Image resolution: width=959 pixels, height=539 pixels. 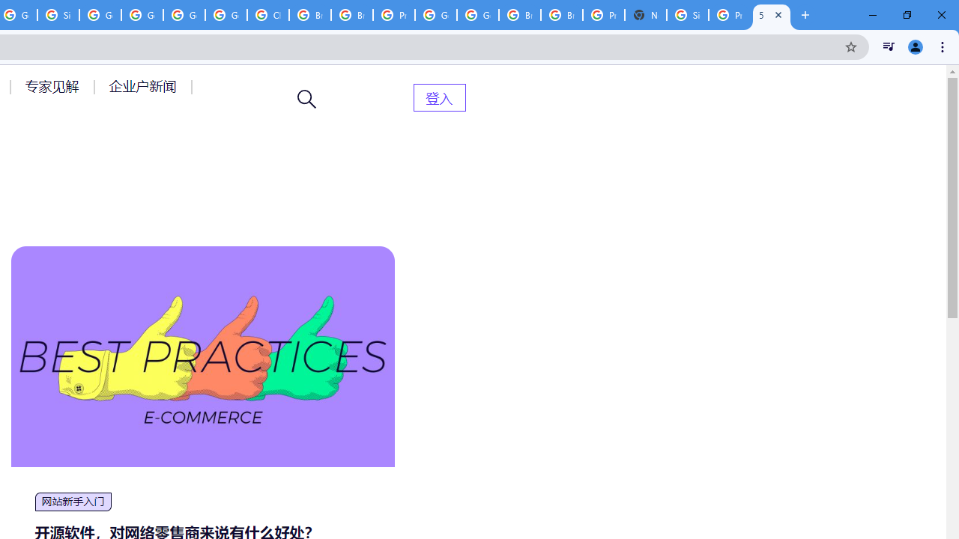 I want to click on 'Control your music, videos, and more', so click(x=888, y=46).